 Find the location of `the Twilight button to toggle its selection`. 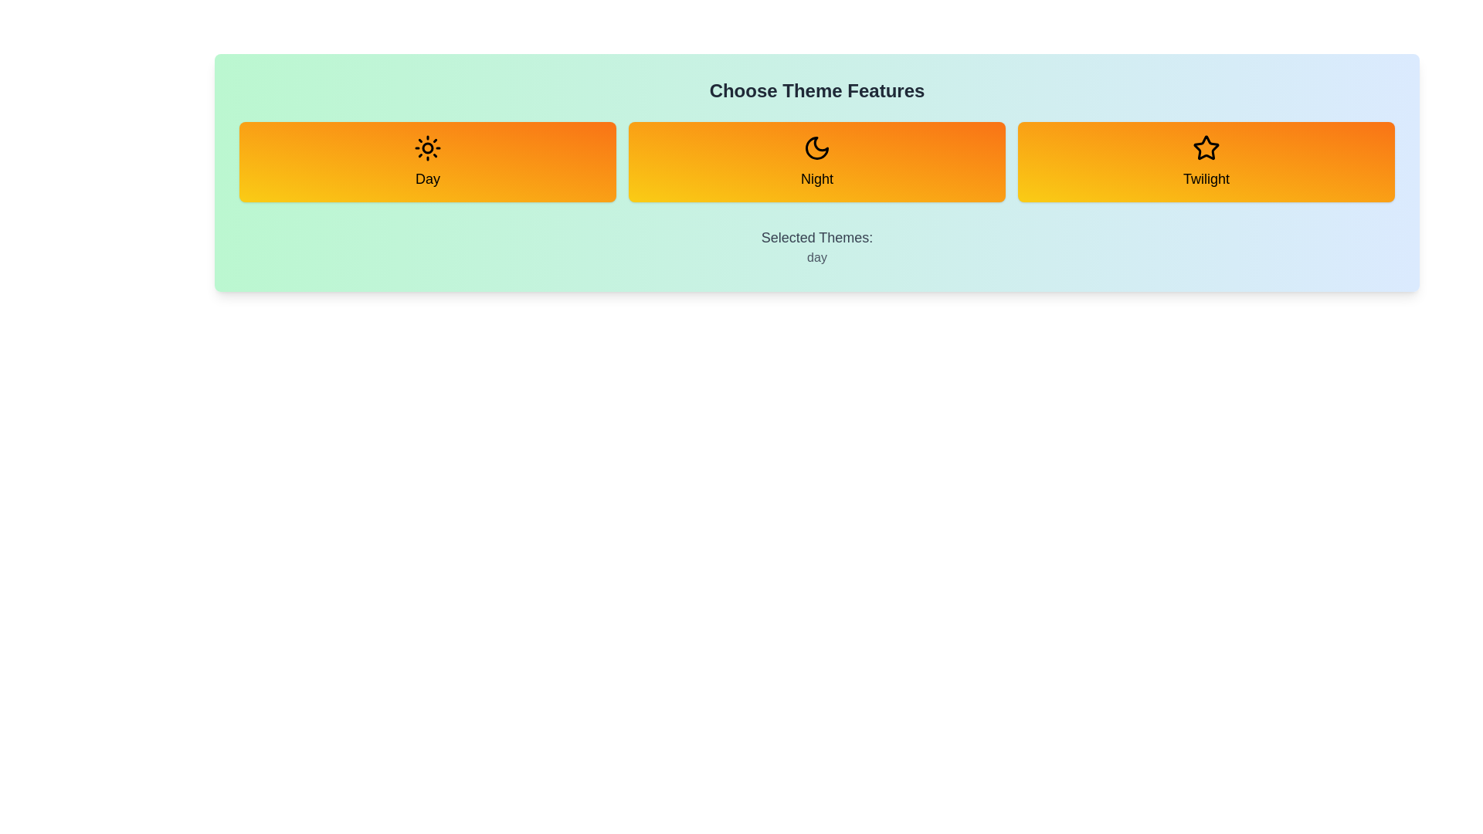

the Twilight button to toggle its selection is located at coordinates (1205, 161).